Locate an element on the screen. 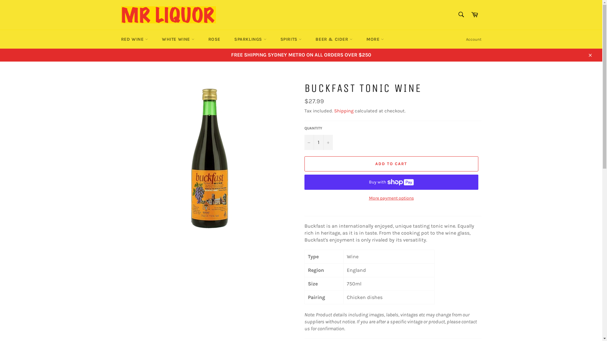  'ROSE' is located at coordinates (214, 39).